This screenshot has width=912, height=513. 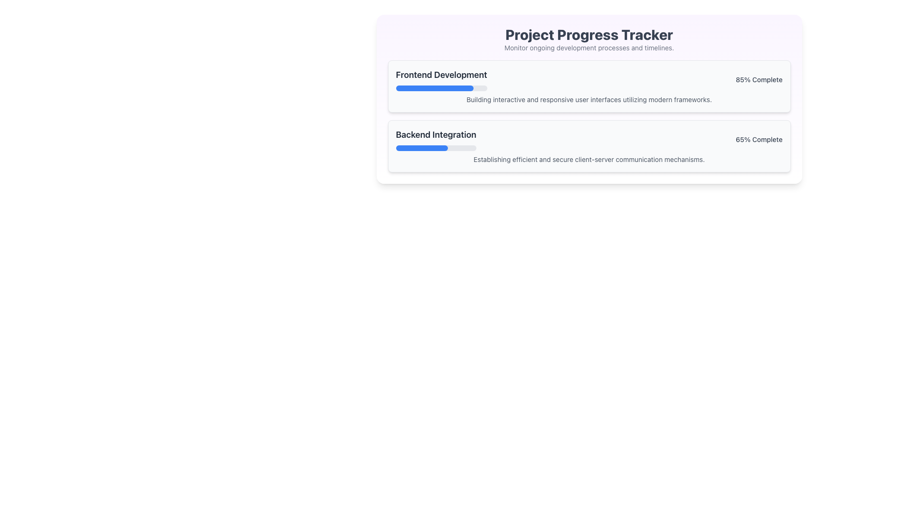 I want to click on the text label that provides supplementary information below the 'Project Progress Tracker' header, so click(x=589, y=47).